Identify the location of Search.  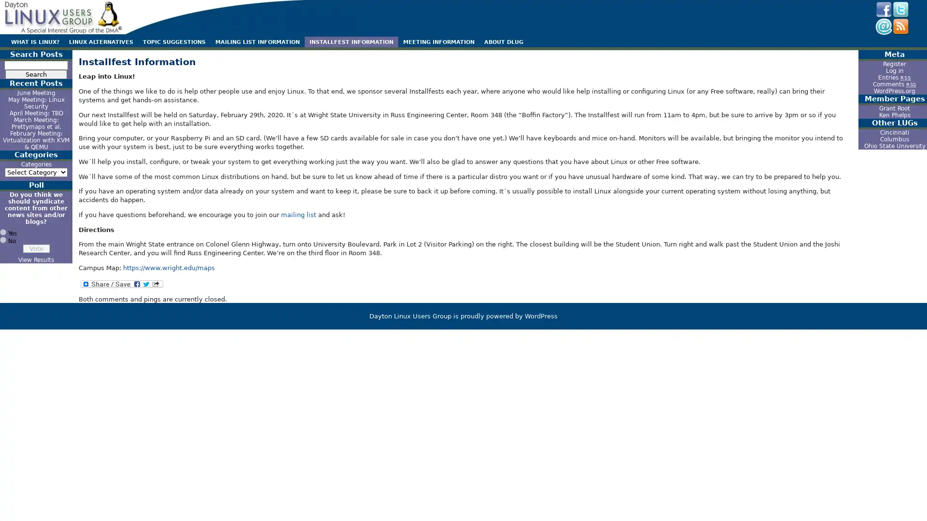
(36, 74).